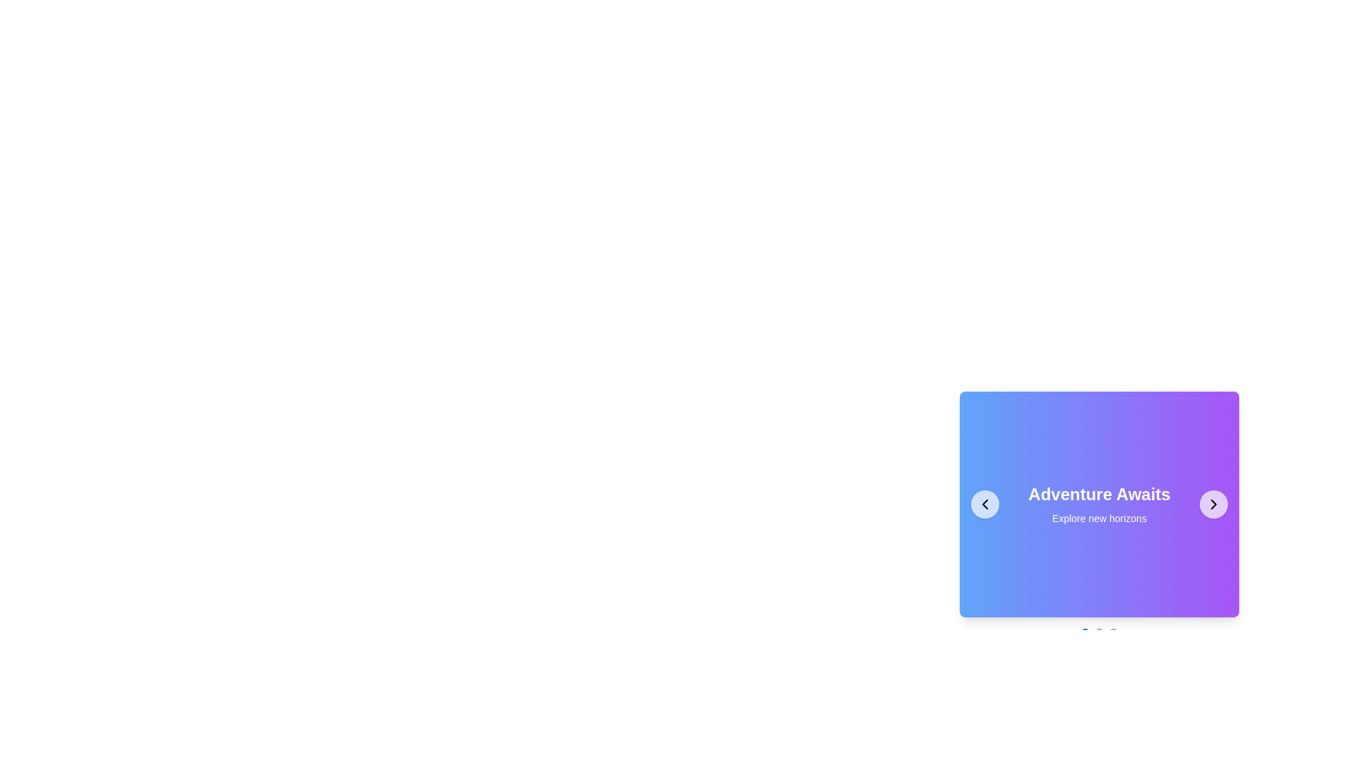 Image resolution: width=1355 pixels, height=762 pixels. What do you see at coordinates (1212, 503) in the screenshot?
I see `the circular Chevron button with a white background and rightward chevron icon` at bounding box center [1212, 503].